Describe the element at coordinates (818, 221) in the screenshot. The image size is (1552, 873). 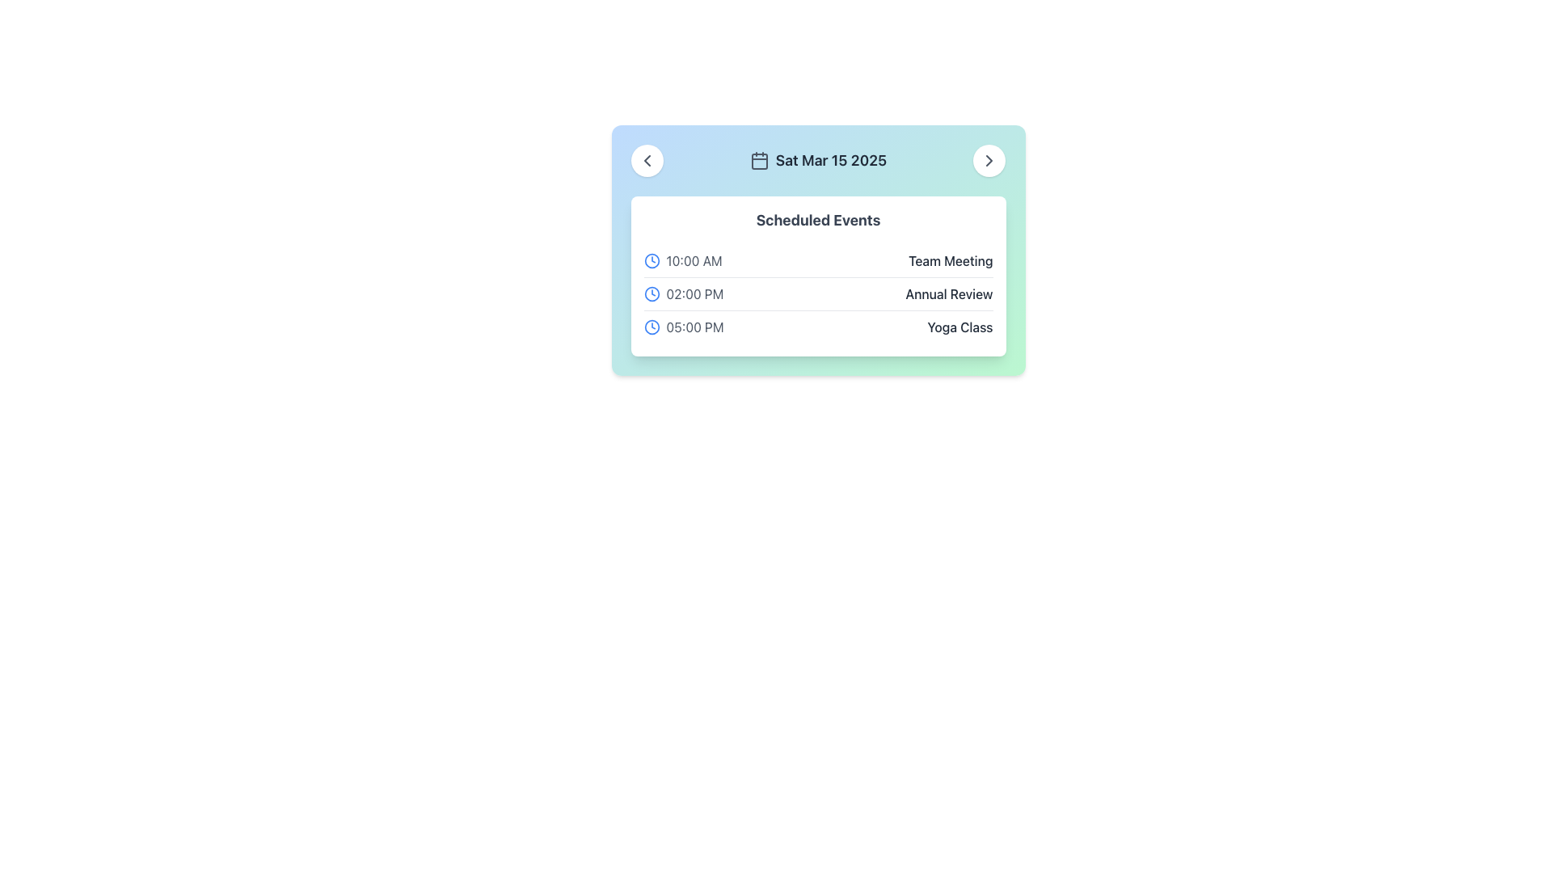
I see `the static text element that serves as the title for the calendar card detailing scheduled events, located at the top of the card` at that location.